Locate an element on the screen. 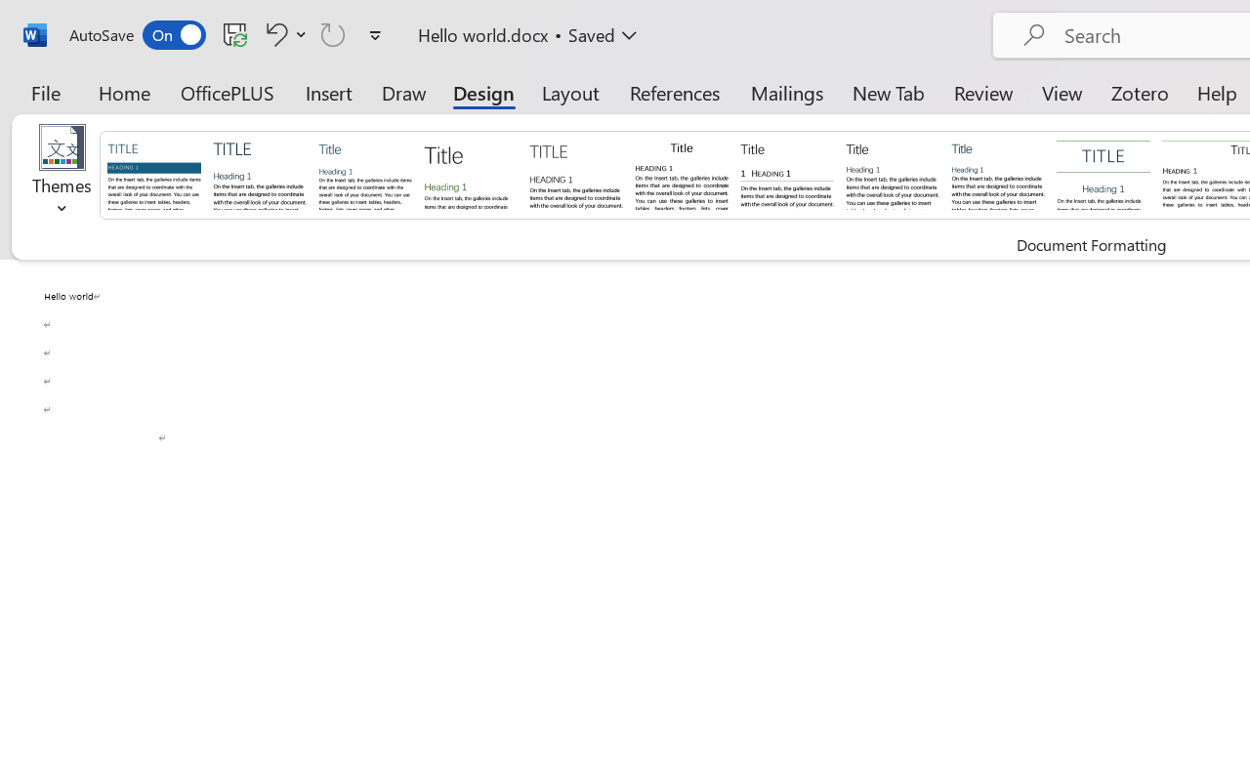 The image size is (1250, 781). 'Review' is located at coordinates (983, 92).